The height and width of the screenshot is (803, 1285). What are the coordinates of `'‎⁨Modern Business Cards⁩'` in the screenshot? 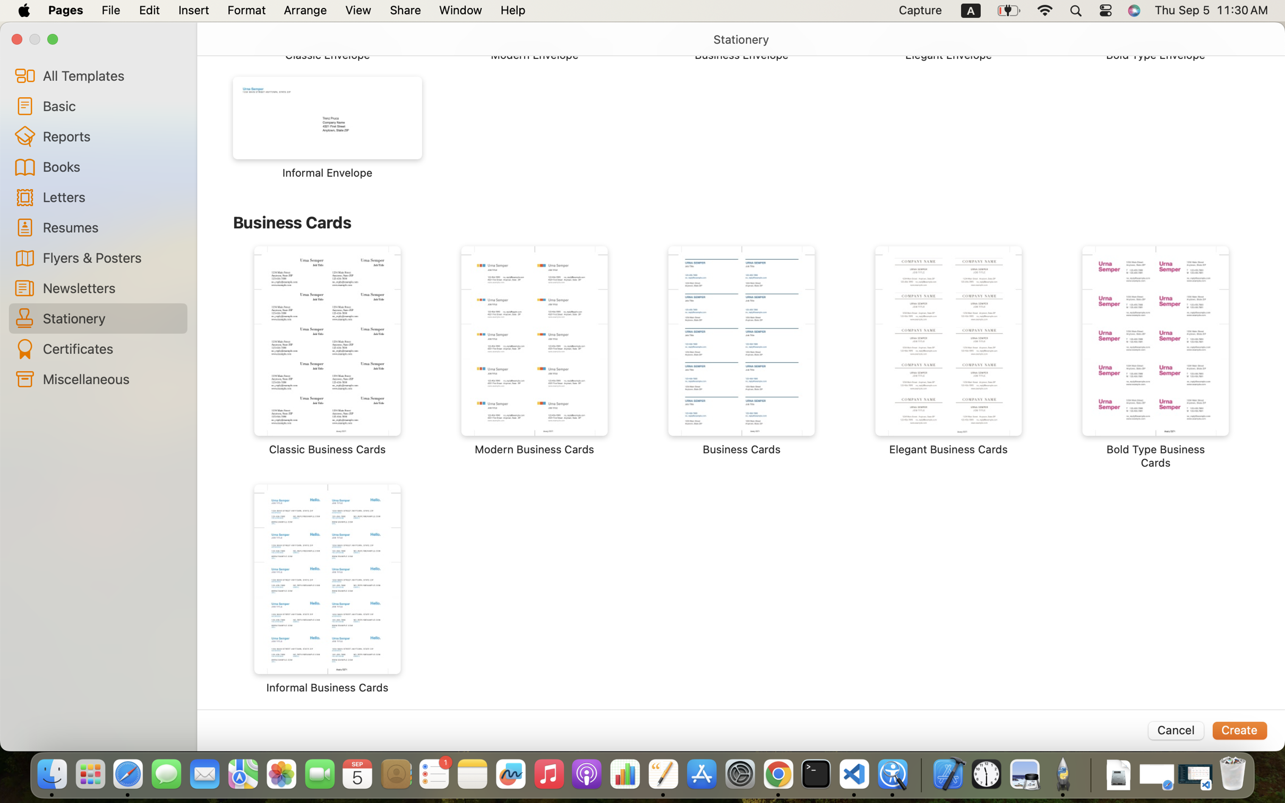 It's located at (535, 351).